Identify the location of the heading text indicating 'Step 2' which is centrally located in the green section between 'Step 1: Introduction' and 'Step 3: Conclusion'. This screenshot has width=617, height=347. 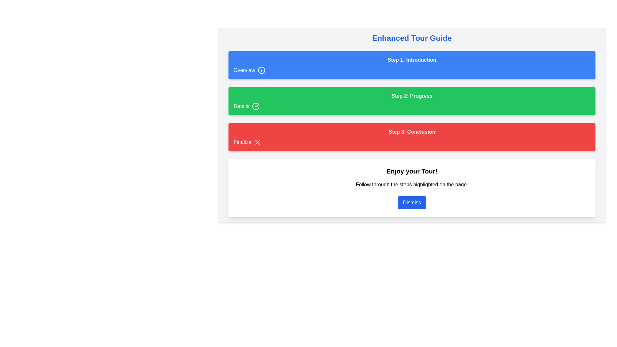
(412, 96).